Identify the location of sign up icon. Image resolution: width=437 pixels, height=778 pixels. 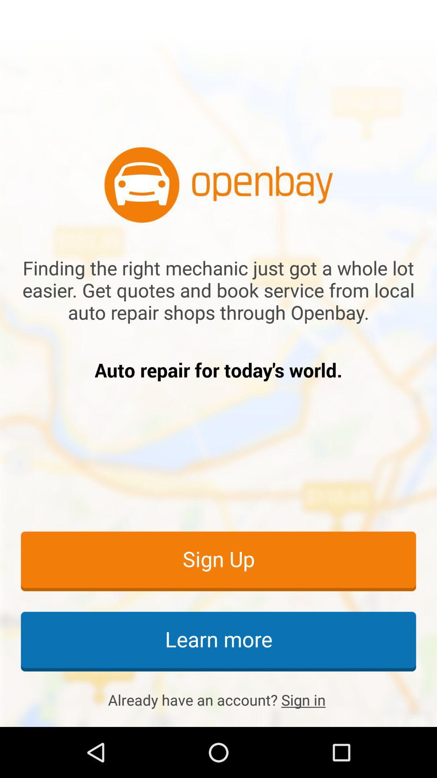
(218, 560).